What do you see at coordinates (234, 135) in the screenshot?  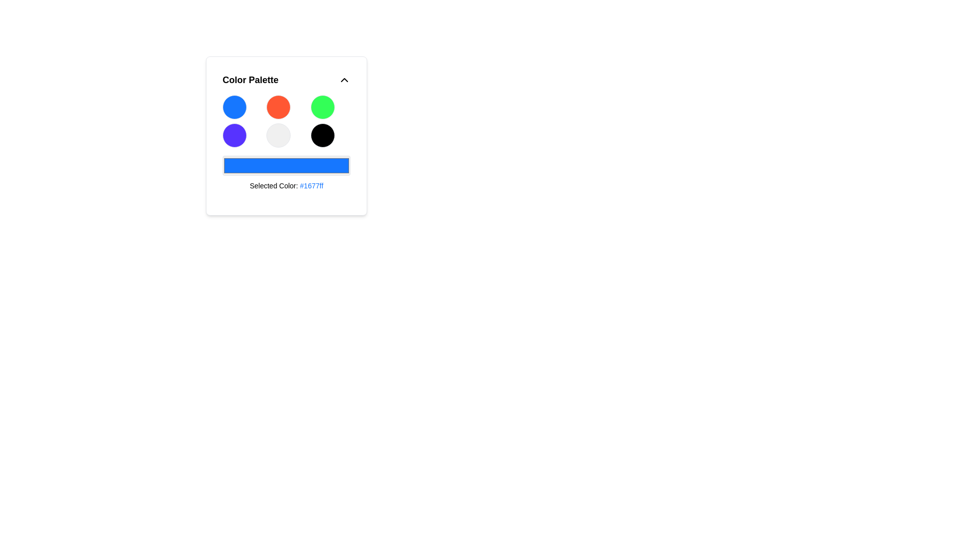 I see `the color selection button located in the center of the first column of a 3x2 grid layout` at bounding box center [234, 135].